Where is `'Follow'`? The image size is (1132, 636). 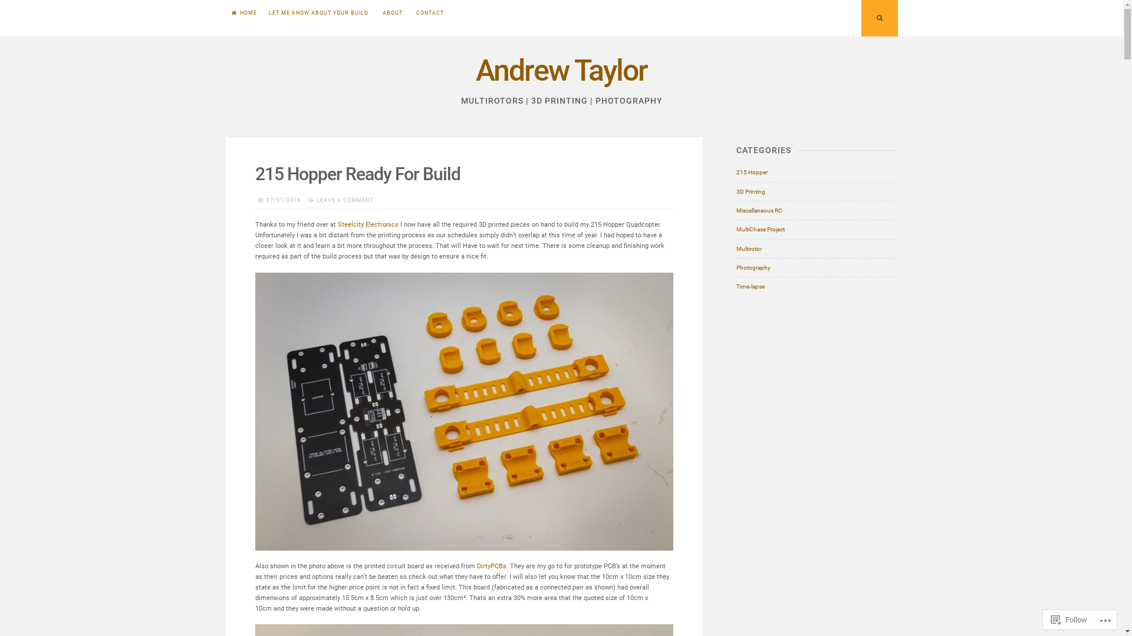
'Follow' is located at coordinates (1047, 619).